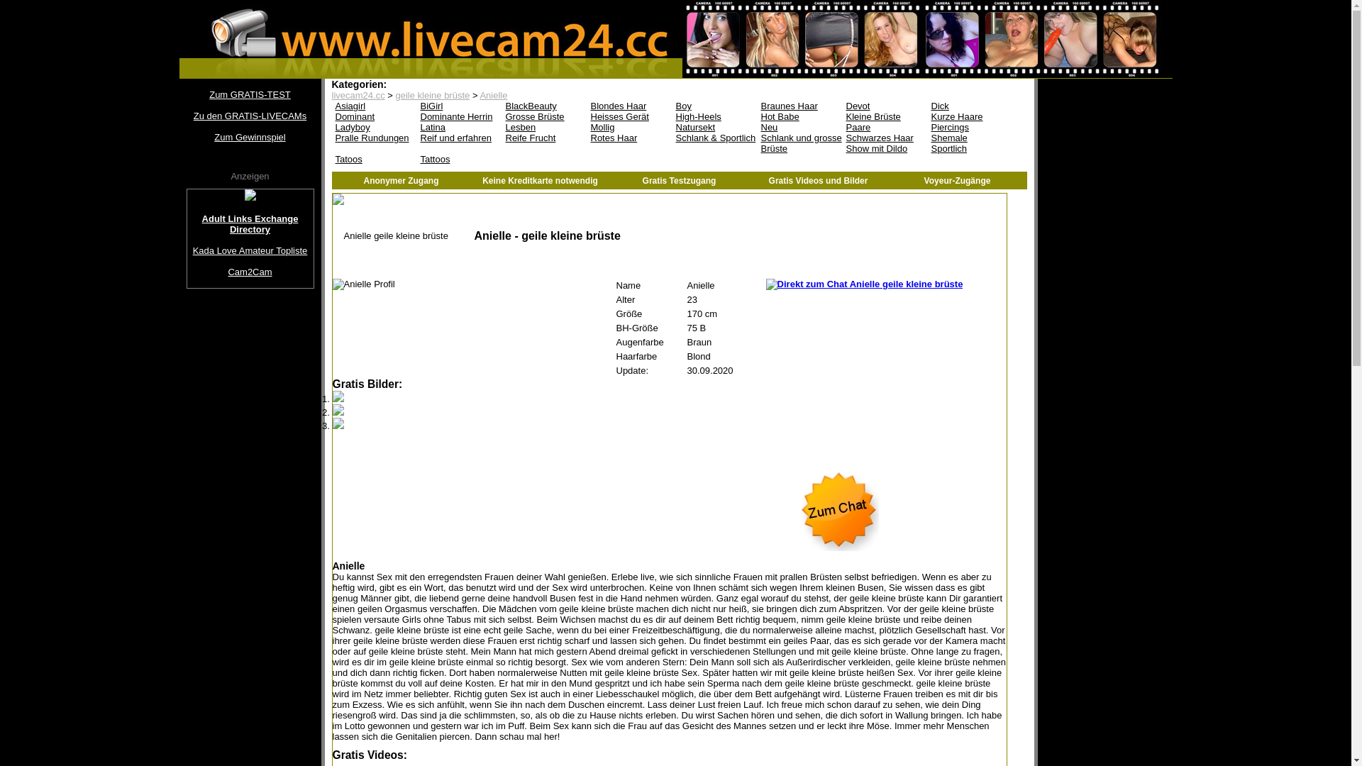 This screenshot has width=1362, height=766. Describe the element at coordinates (970, 148) in the screenshot. I see `'Sportlich'` at that location.